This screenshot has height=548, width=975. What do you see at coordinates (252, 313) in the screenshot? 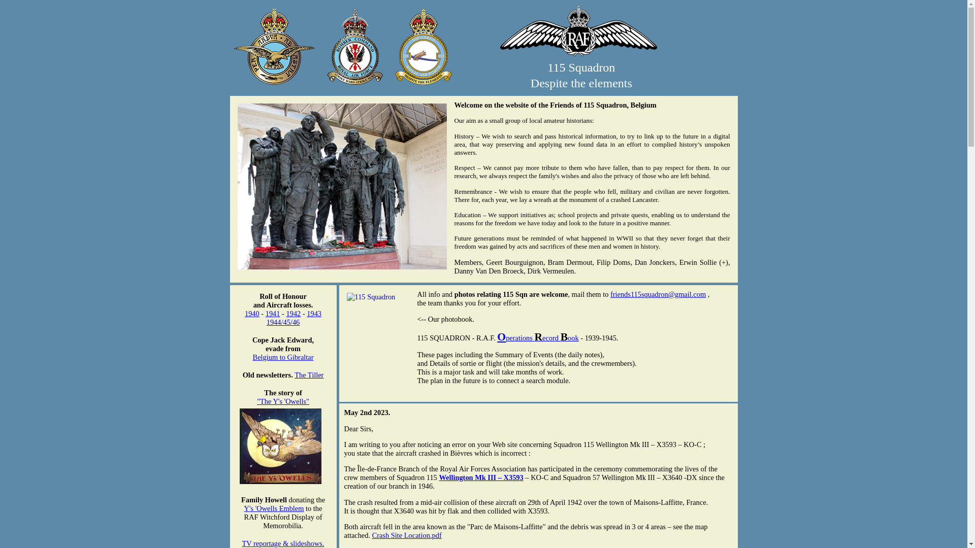
I see `'1940'` at bounding box center [252, 313].